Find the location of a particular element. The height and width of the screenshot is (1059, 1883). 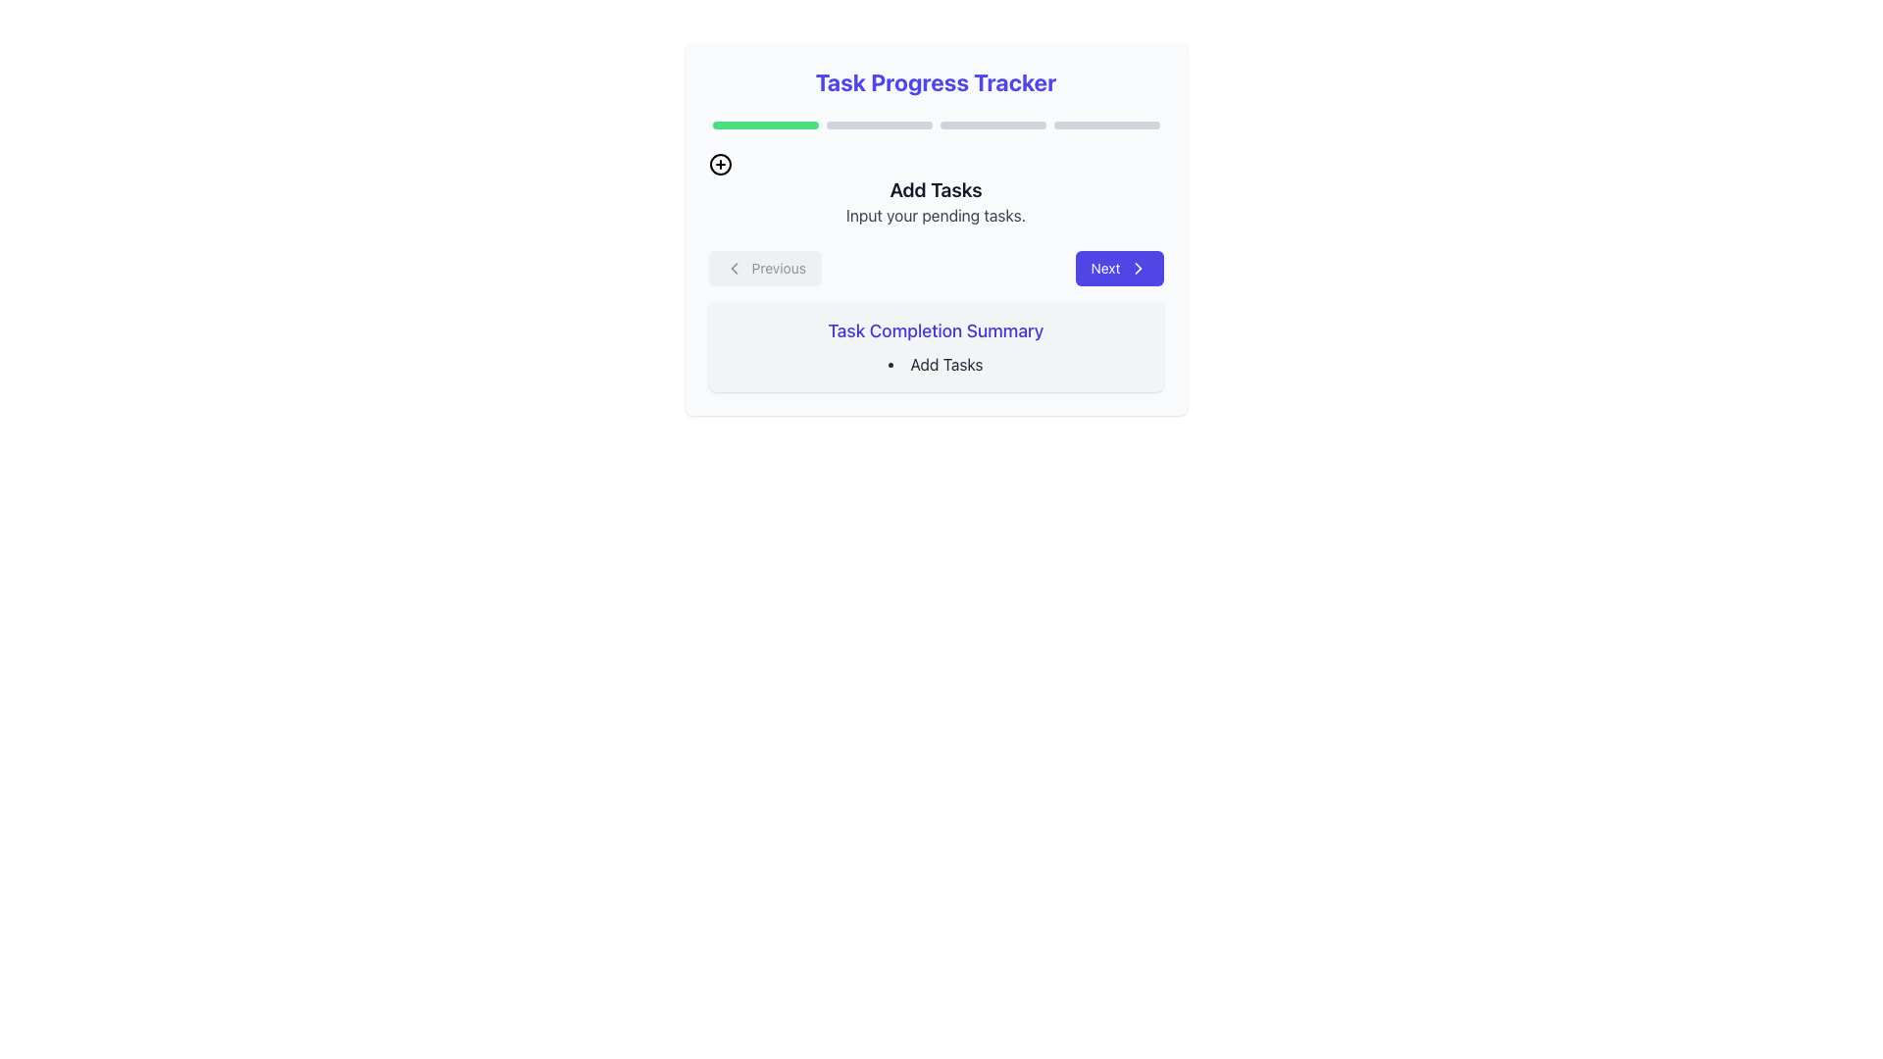

the text element displaying 'Task Completion Summary' which is bold, indigo-colored, and left-aligned in a light gray box is located at coordinates (935, 330).